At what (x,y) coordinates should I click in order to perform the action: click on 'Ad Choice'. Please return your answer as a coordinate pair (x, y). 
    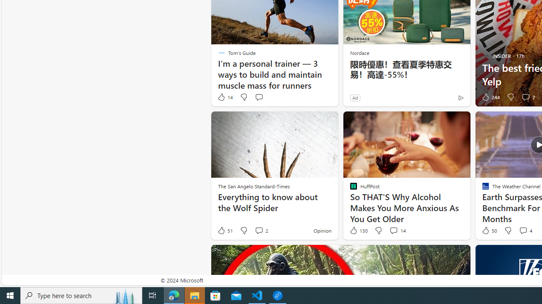
    Looking at the image, I should click on (460, 97).